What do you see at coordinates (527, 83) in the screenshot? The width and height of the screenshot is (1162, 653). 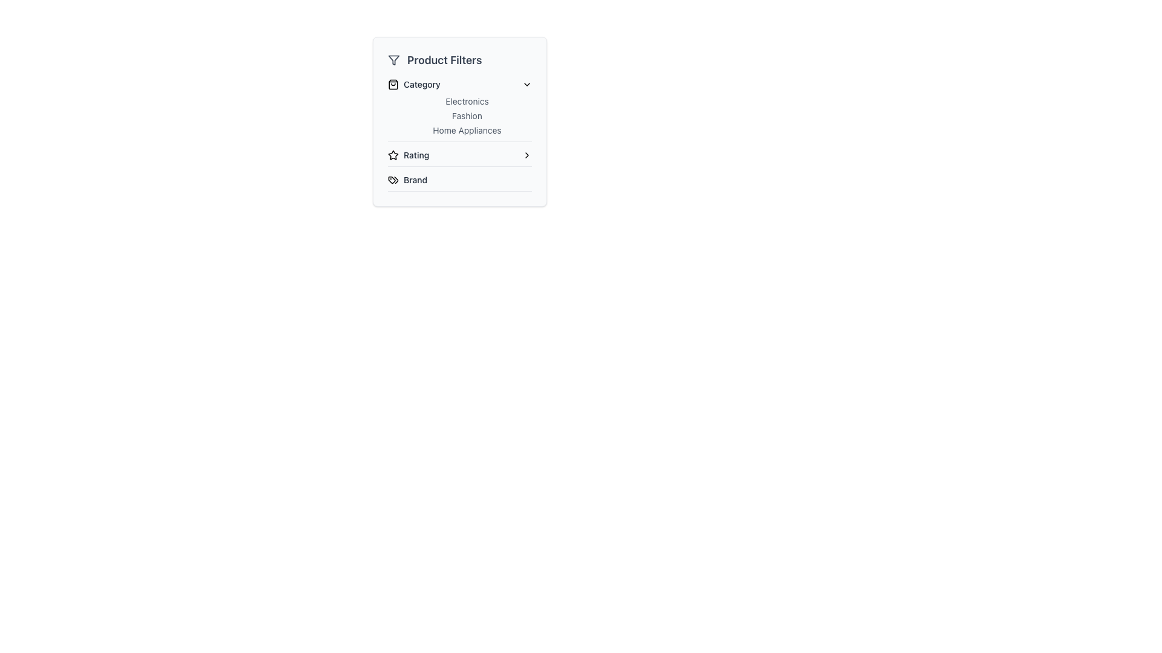 I see `the Chevron Down icon in the 'Product Filters' section` at bounding box center [527, 83].